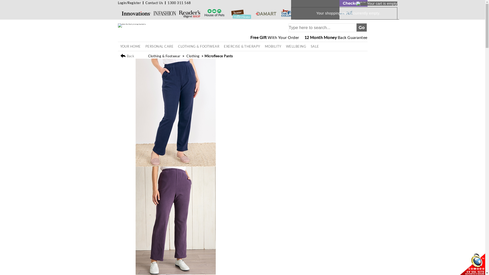 Image resolution: width=489 pixels, height=275 pixels. Describe the element at coordinates (129, 3) in the screenshot. I see `'Login/Register'` at that location.